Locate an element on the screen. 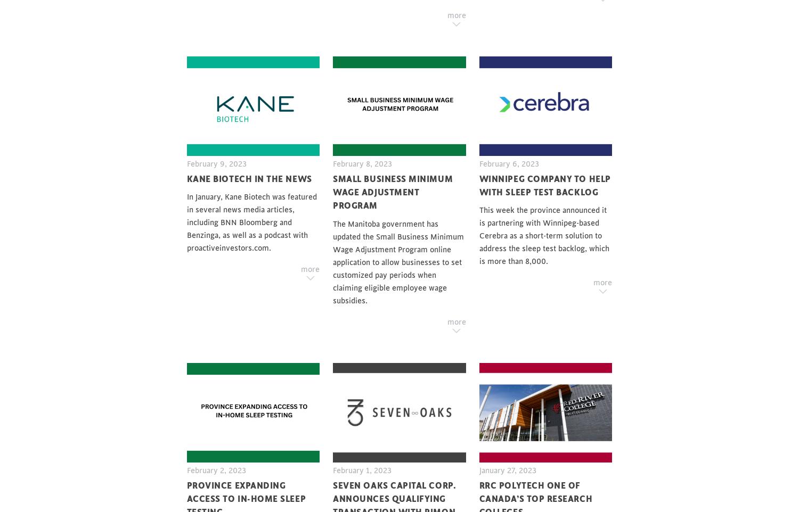  'In January, Kane Biotech was featured in several news media articles, including  BNN Bloomberg and Benzinga, as well as a podcast with proactiveinvestors.com.' is located at coordinates (251, 222).